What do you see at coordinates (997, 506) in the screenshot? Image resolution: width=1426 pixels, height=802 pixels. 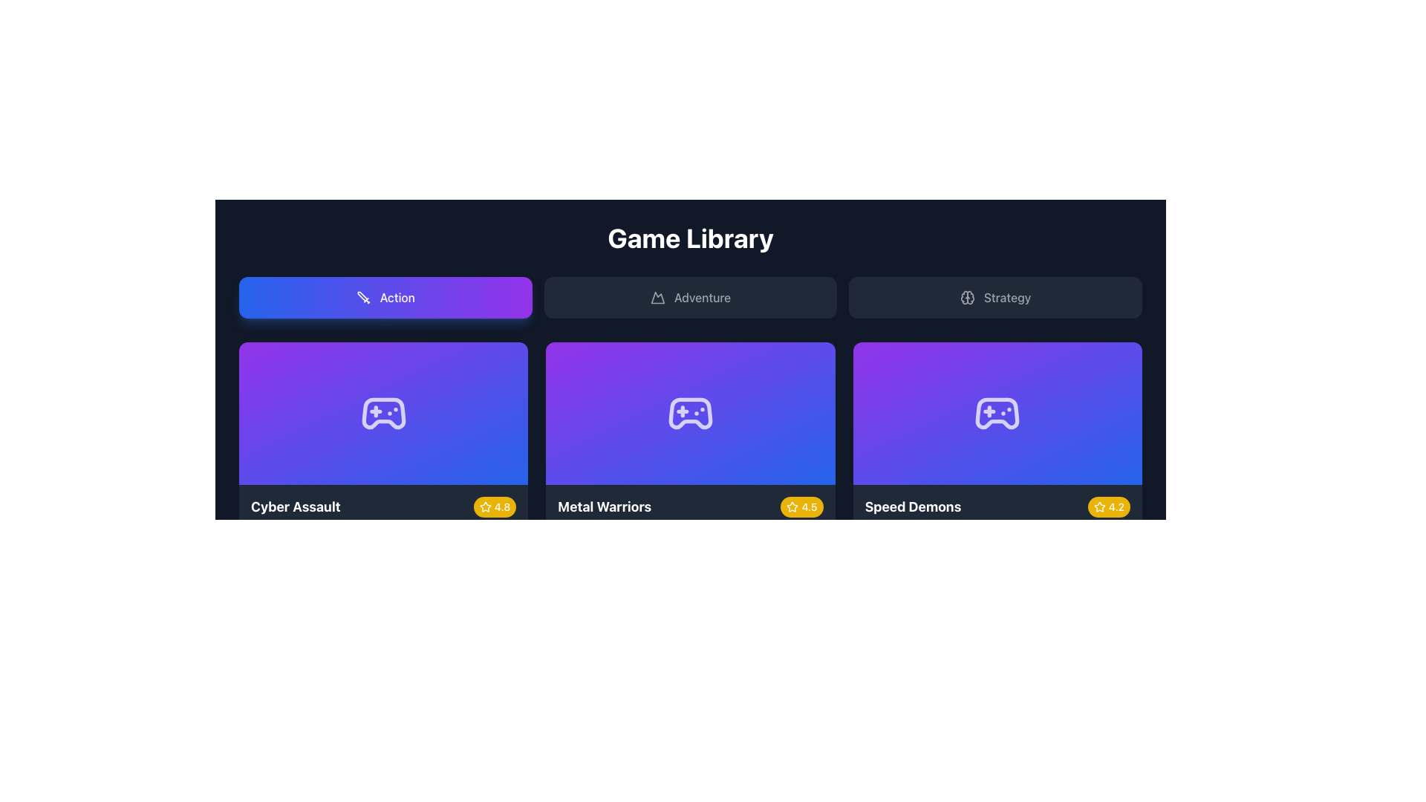 I see `the Row containing the game title 'Speed Demons' and the rating badge '4.2'` at bounding box center [997, 506].